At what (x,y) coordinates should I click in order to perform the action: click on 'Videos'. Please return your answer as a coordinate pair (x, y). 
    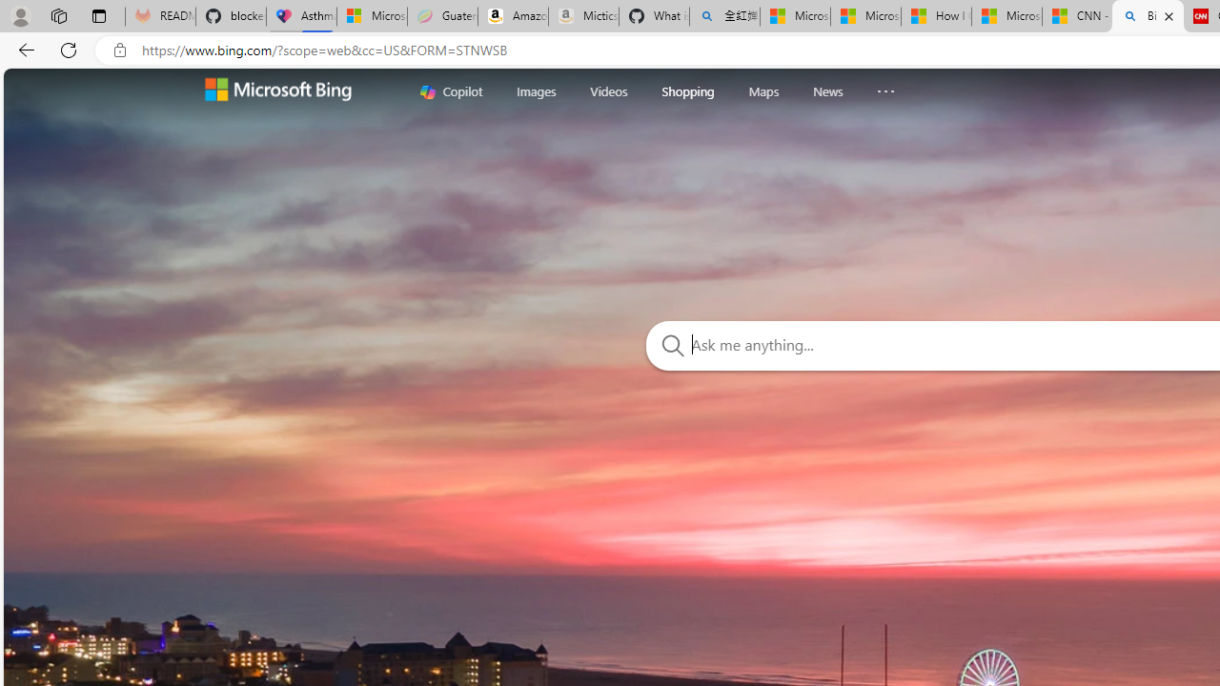
    Looking at the image, I should click on (608, 91).